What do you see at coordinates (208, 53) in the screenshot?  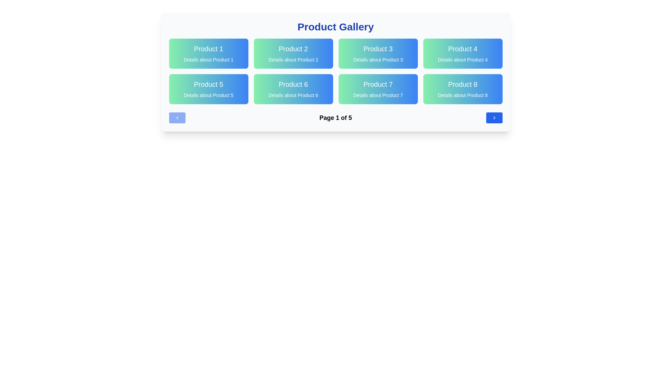 I see `the informational card representing 'Product 1', located at the top left corner of the grid layout` at bounding box center [208, 53].